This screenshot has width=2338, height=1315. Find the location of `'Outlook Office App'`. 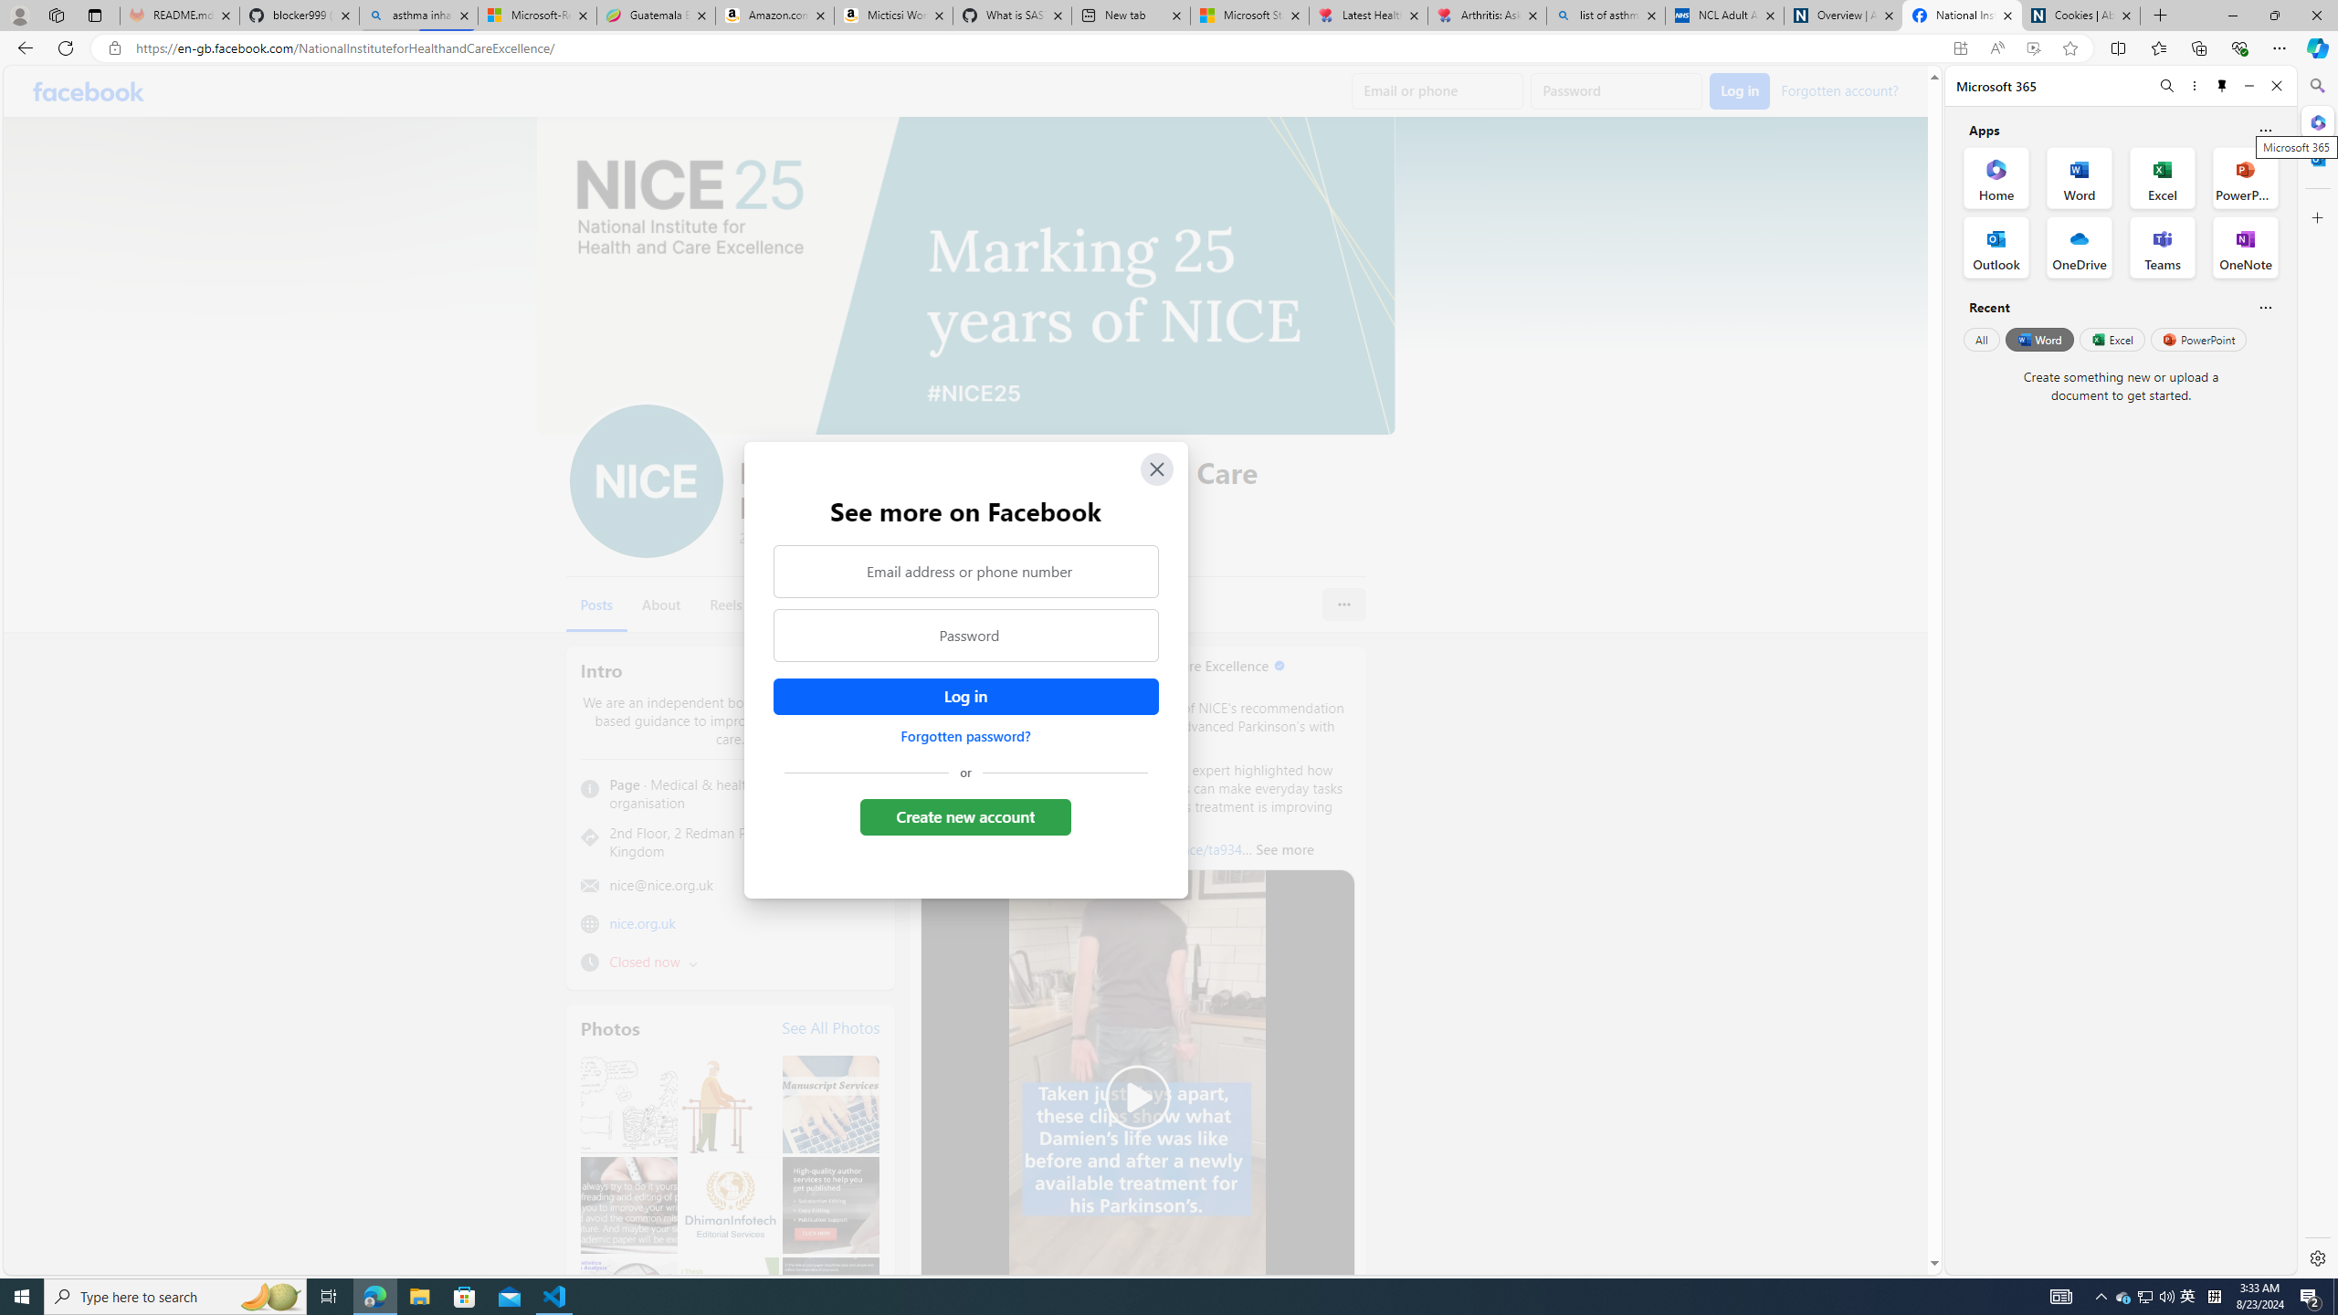

'Outlook Office App' is located at coordinates (1996, 247).